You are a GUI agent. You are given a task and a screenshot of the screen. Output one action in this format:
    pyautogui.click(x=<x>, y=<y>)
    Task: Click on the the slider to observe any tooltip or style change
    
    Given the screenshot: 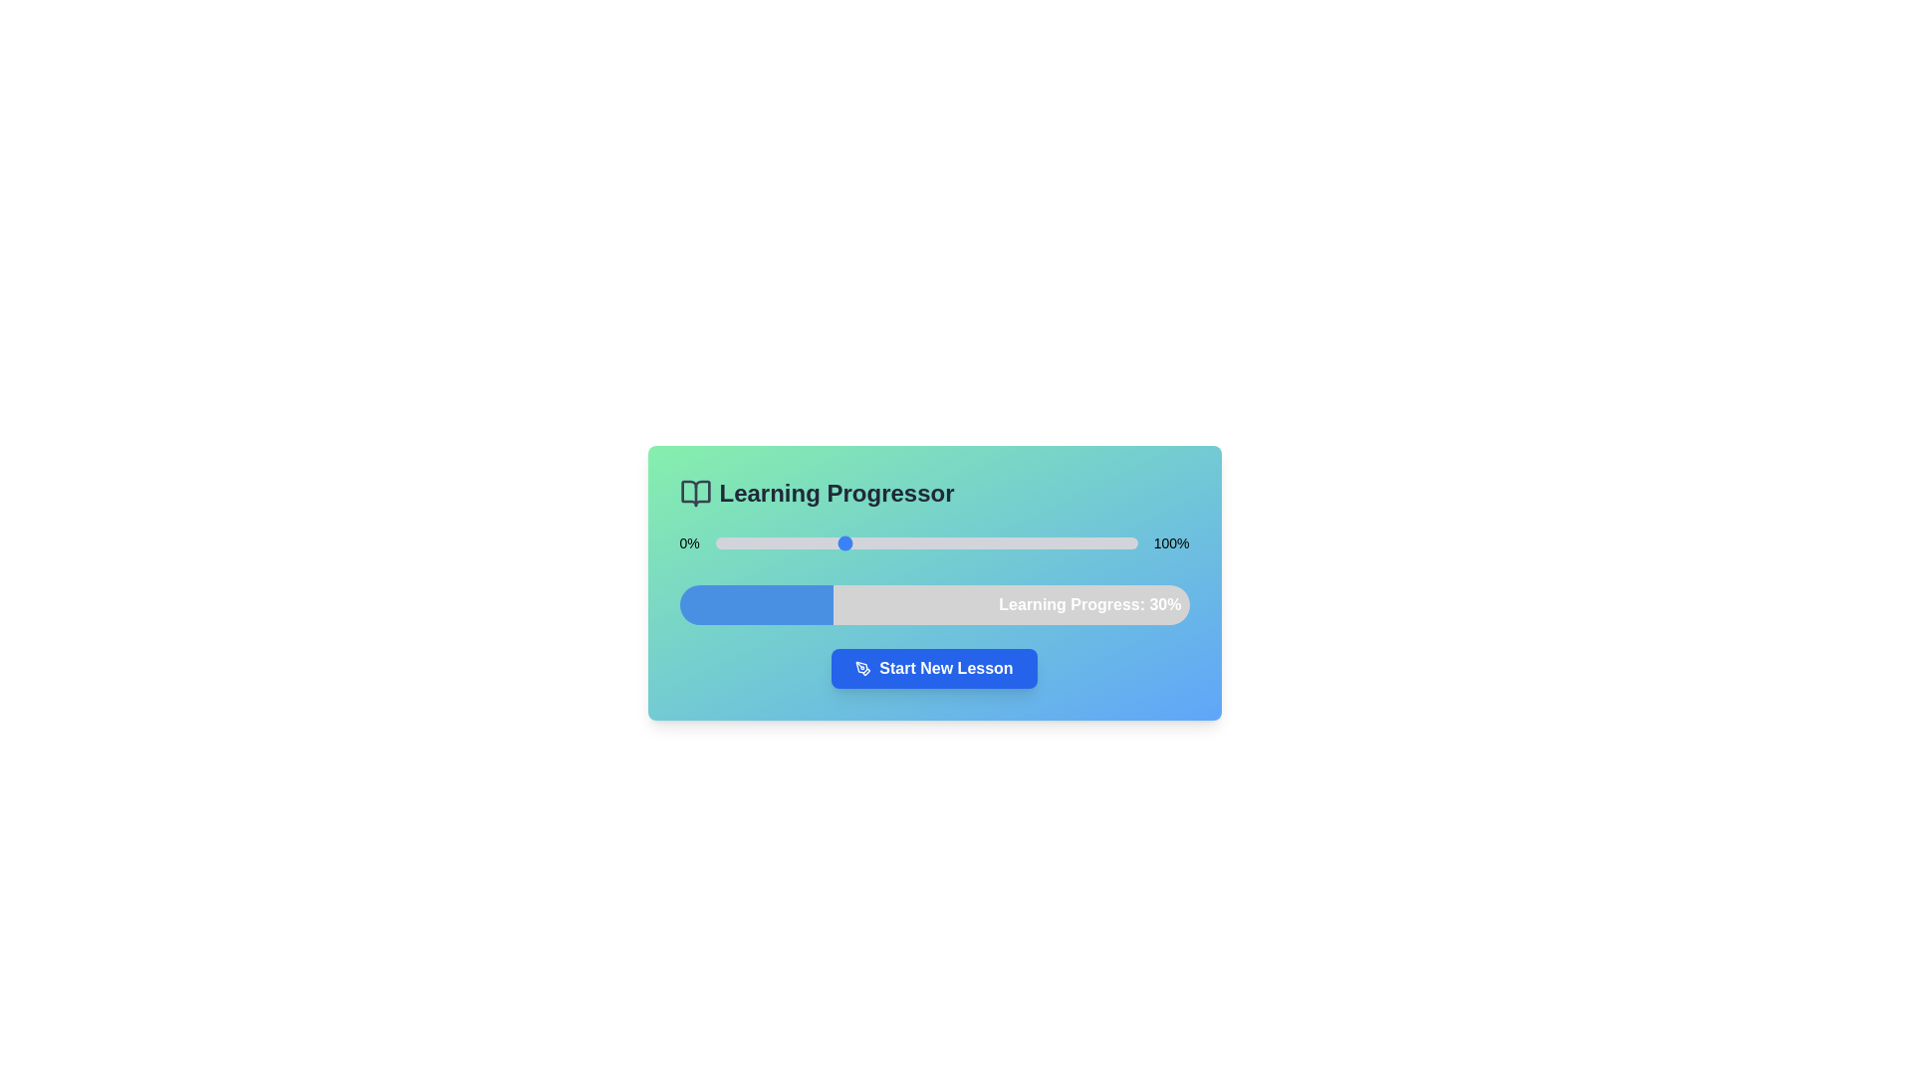 What is the action you would take?
    pyautogui.click(x=925, y=543)
    